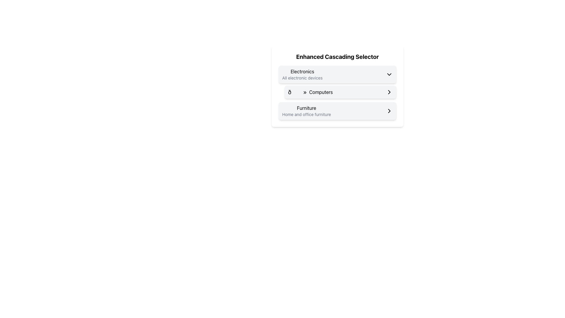  What do you see at coordinates (340, 92) in the screenshot?
I see `the second list item in the navigation menu that expands or navigates to the 'Computers' subsection, which is located below the 'Electronics' item and above the 'Furniture' item` at bounding box center [340, 92].